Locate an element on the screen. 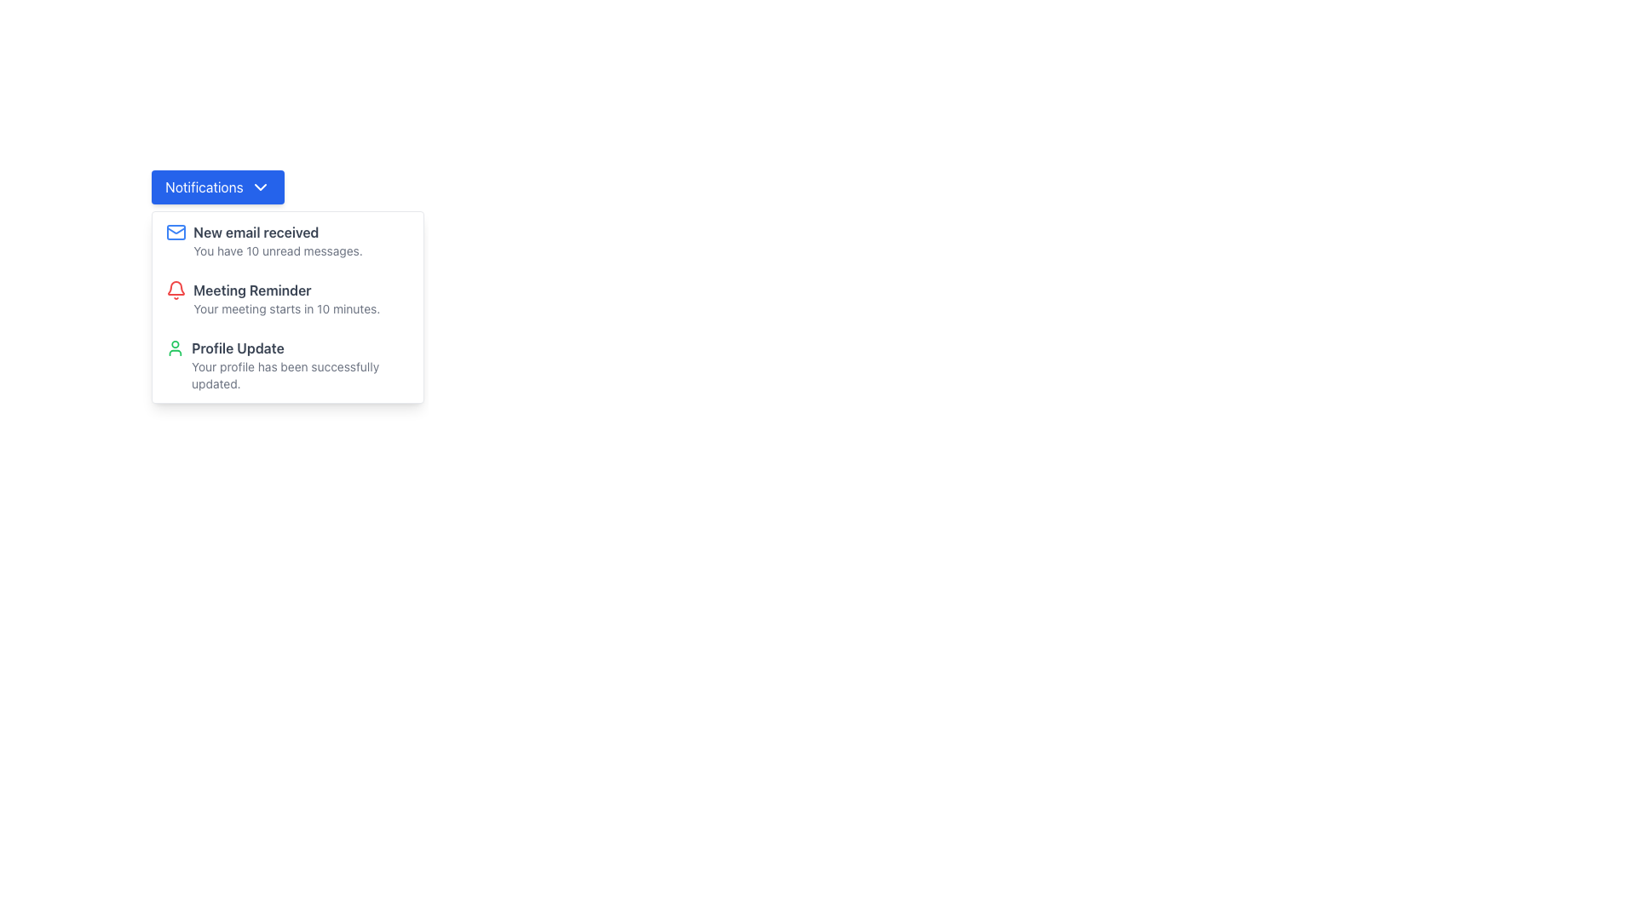 The image size is (1636, 920). text label that displays 'New email received' in bold dark-gray font, located at the top of the notification card within the Notifications dropdown is located at coordinates (278, 233).